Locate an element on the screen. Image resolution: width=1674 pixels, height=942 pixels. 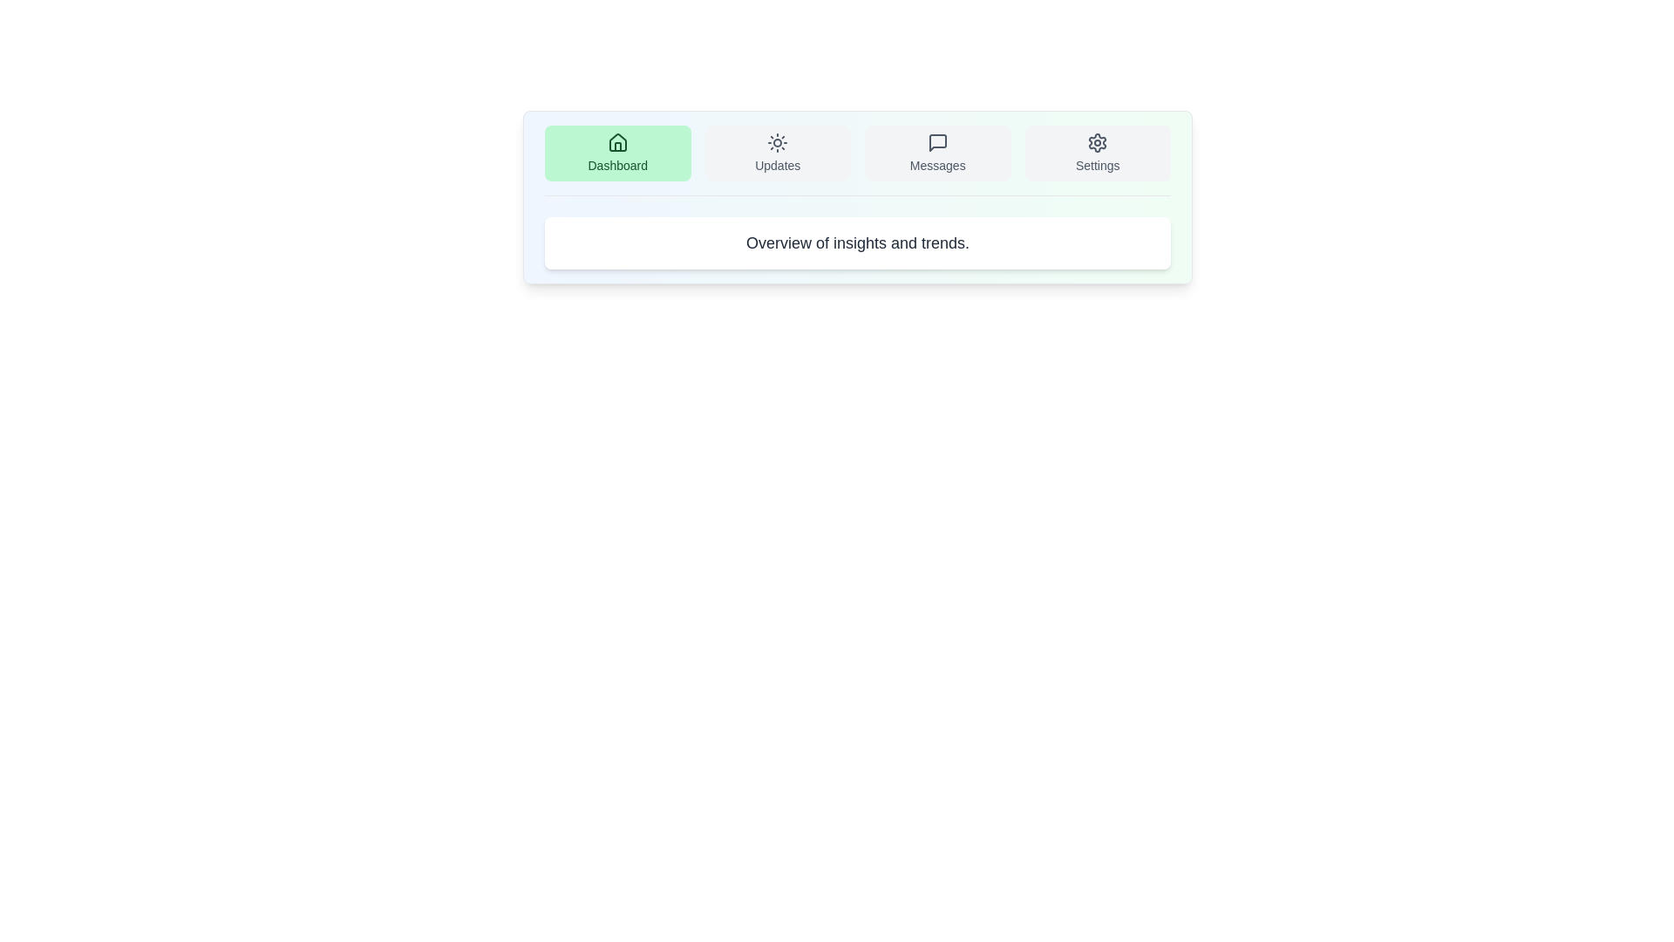
the Messages tab to view its content is located at coordinates (936, 153).